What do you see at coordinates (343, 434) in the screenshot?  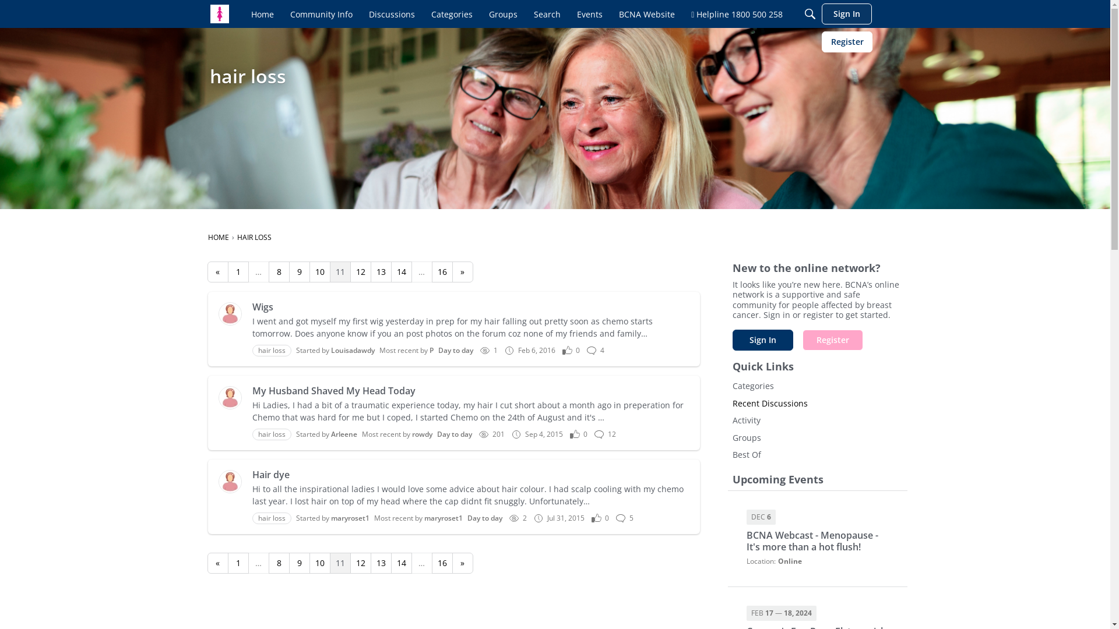 I see `'Arleene'` at bounding box center [343, 434].